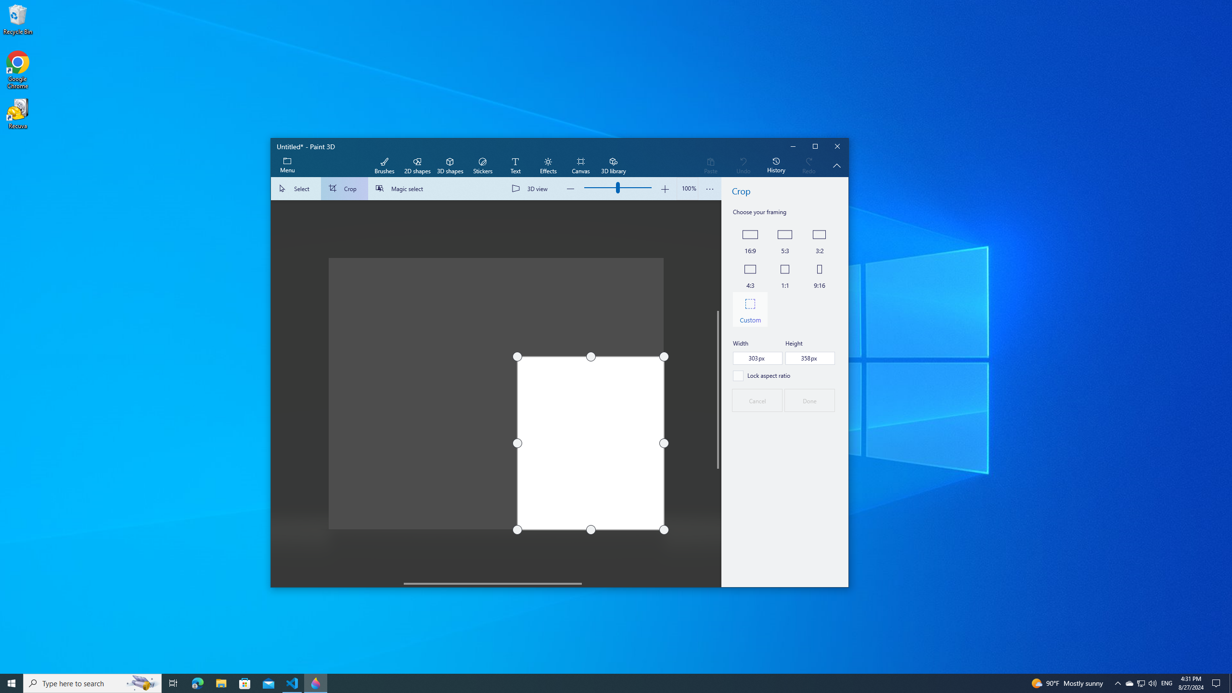 The image size is (1232, 693). I want to click on 'Magic select', so click(401, 188).